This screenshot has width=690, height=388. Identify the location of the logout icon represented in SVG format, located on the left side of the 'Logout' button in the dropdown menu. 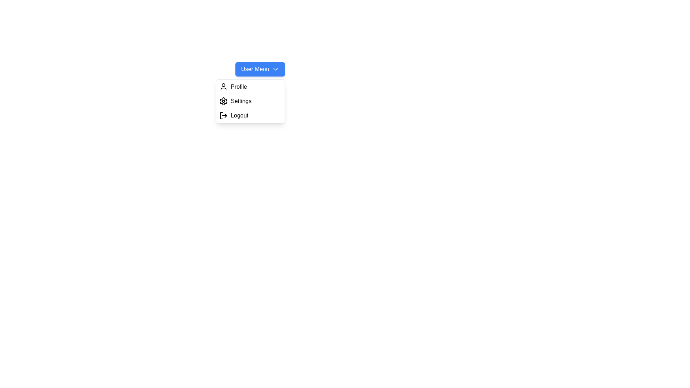
(223, 115).